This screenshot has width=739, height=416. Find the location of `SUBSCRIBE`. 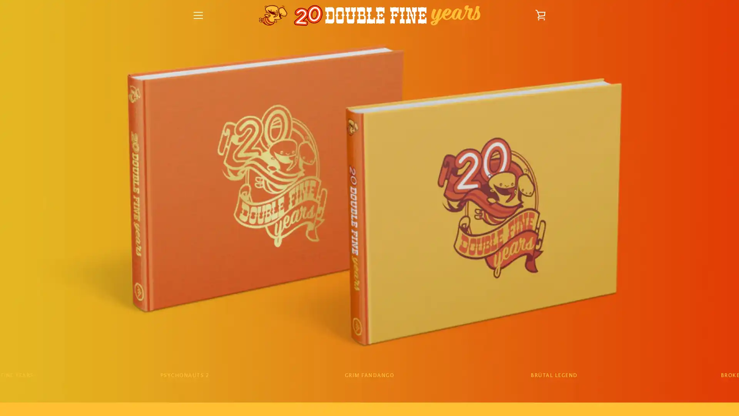

SUBSCRIBE is located at coordinates (527, 347).